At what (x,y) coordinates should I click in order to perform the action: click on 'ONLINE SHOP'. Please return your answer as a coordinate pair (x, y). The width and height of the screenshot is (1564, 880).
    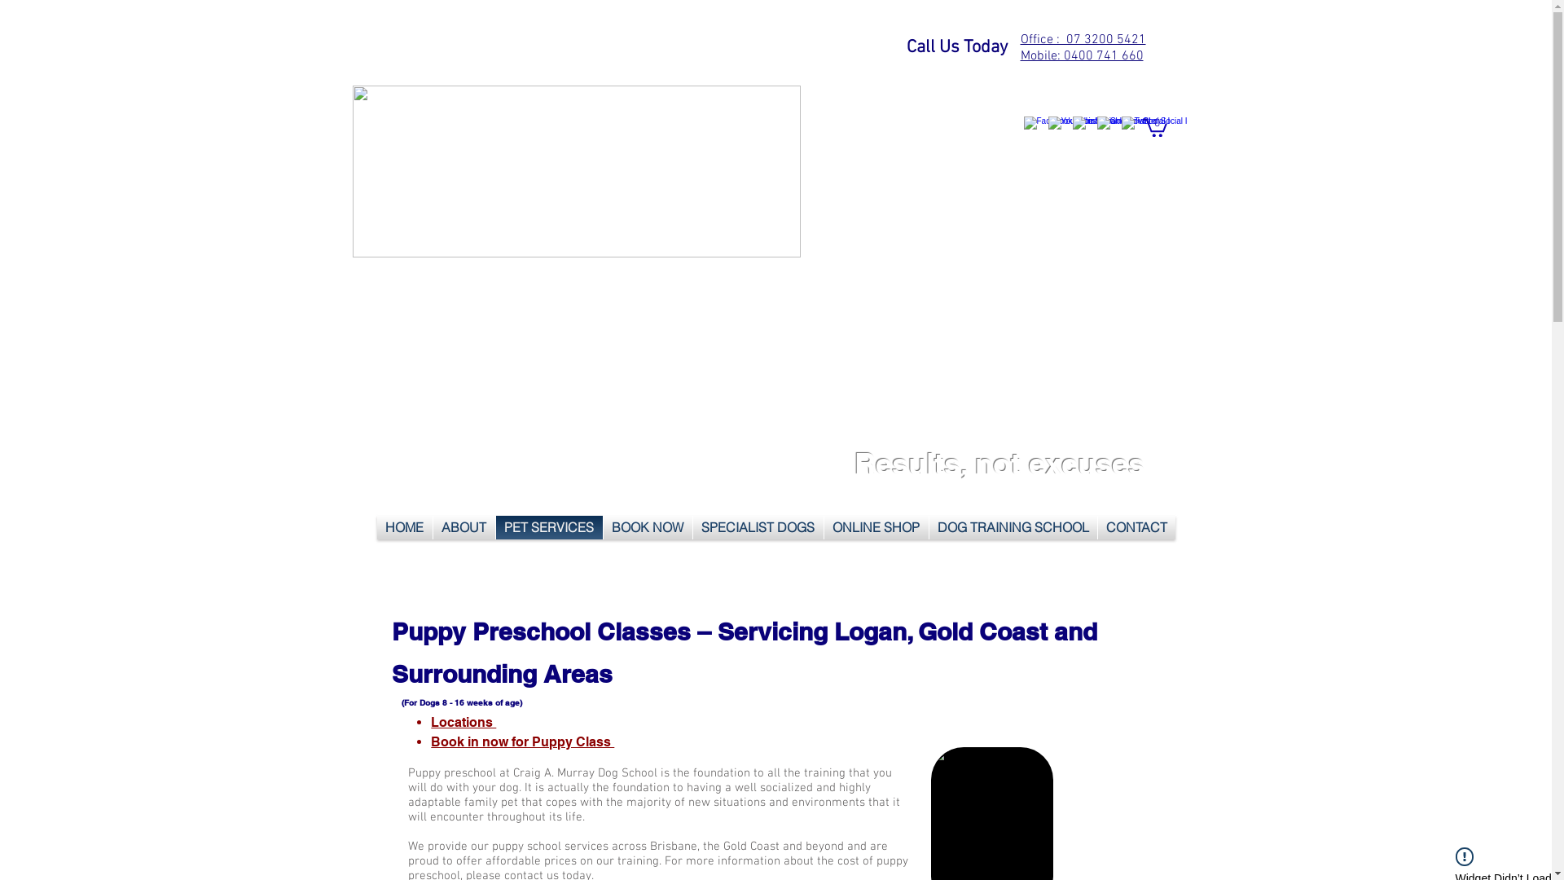
    Looking at the image, I should click on (875, 527).